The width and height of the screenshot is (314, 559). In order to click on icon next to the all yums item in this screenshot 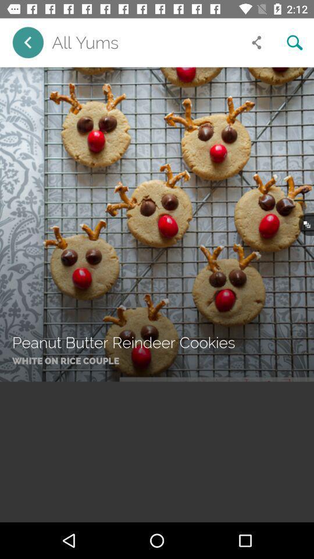, I will do `click(256, 43)`.